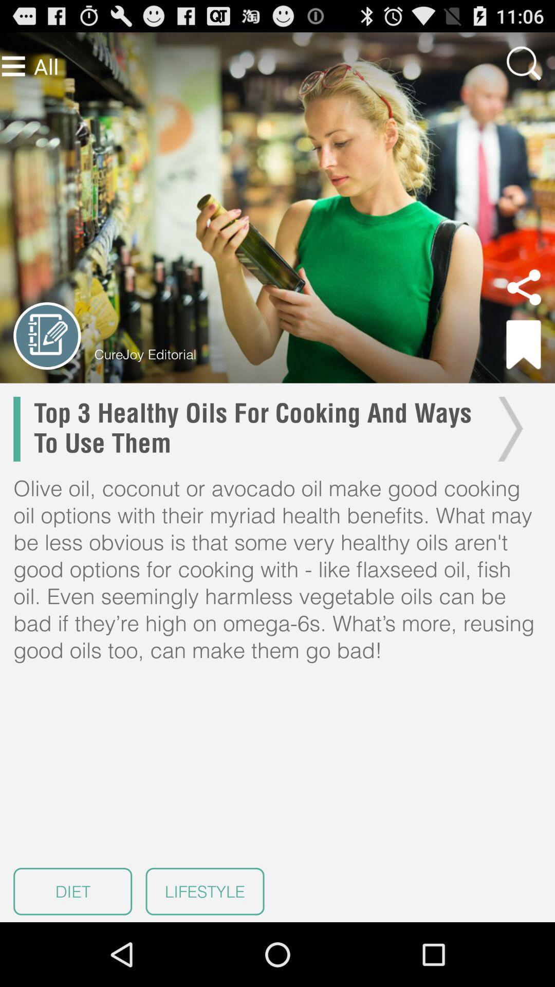  I want to click on click zoom option, so click(524, 63).